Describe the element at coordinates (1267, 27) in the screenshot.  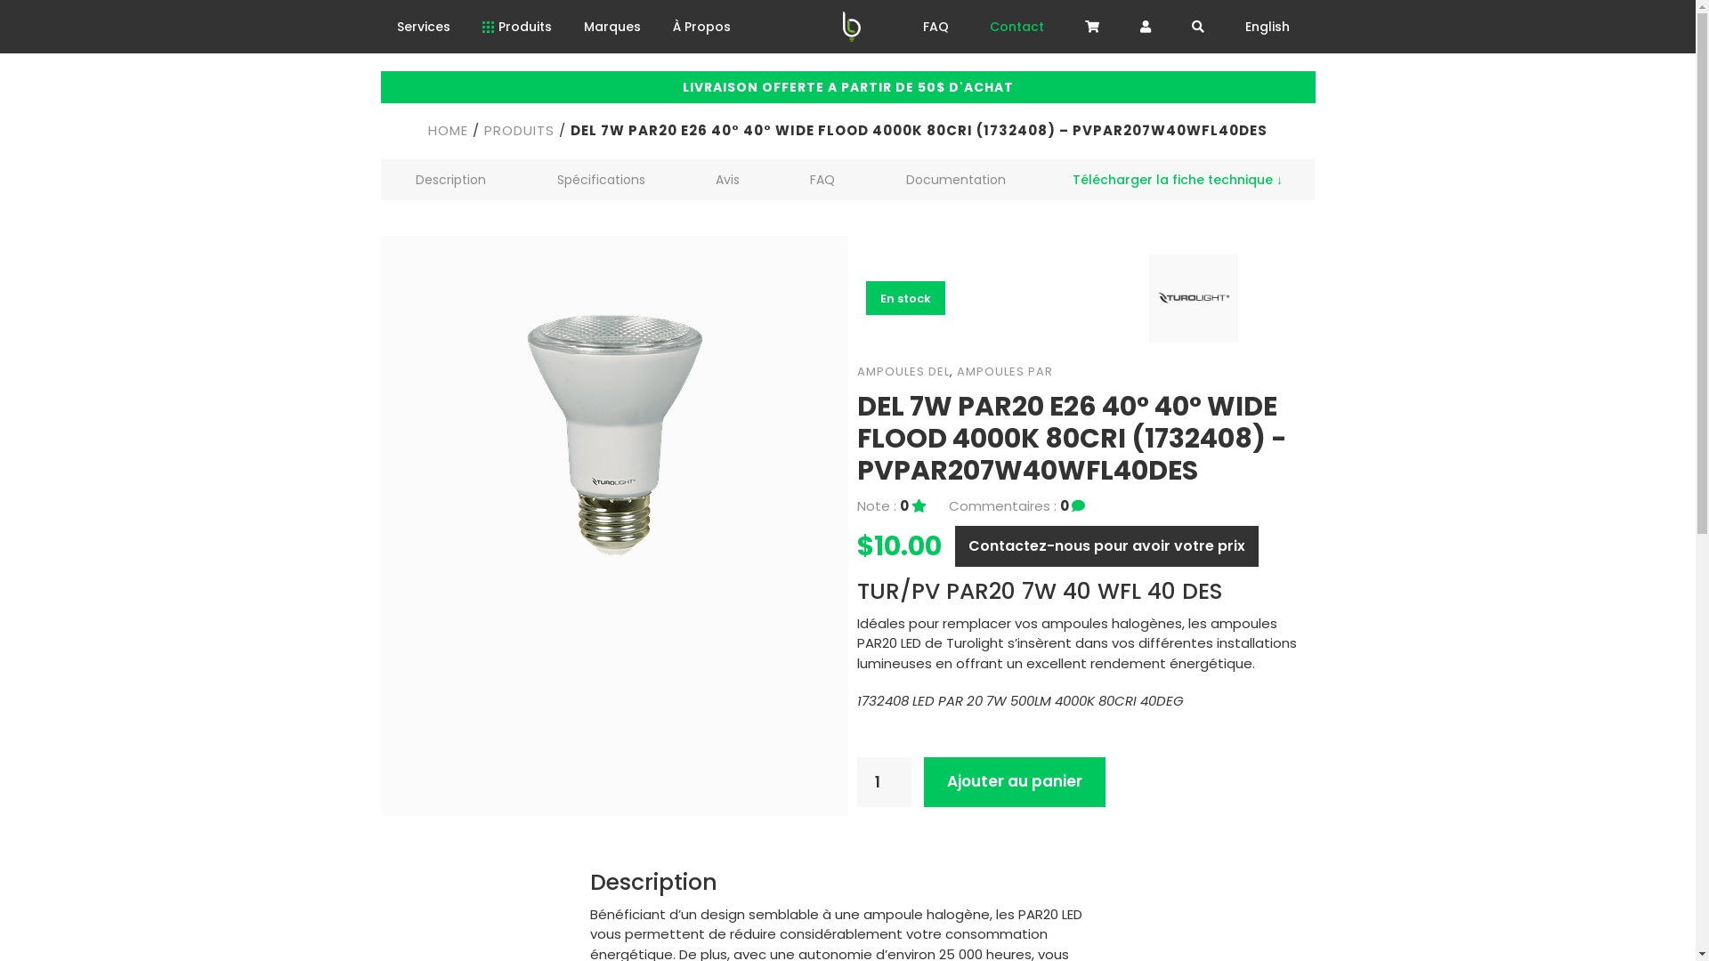
I see `'English'` at that location.